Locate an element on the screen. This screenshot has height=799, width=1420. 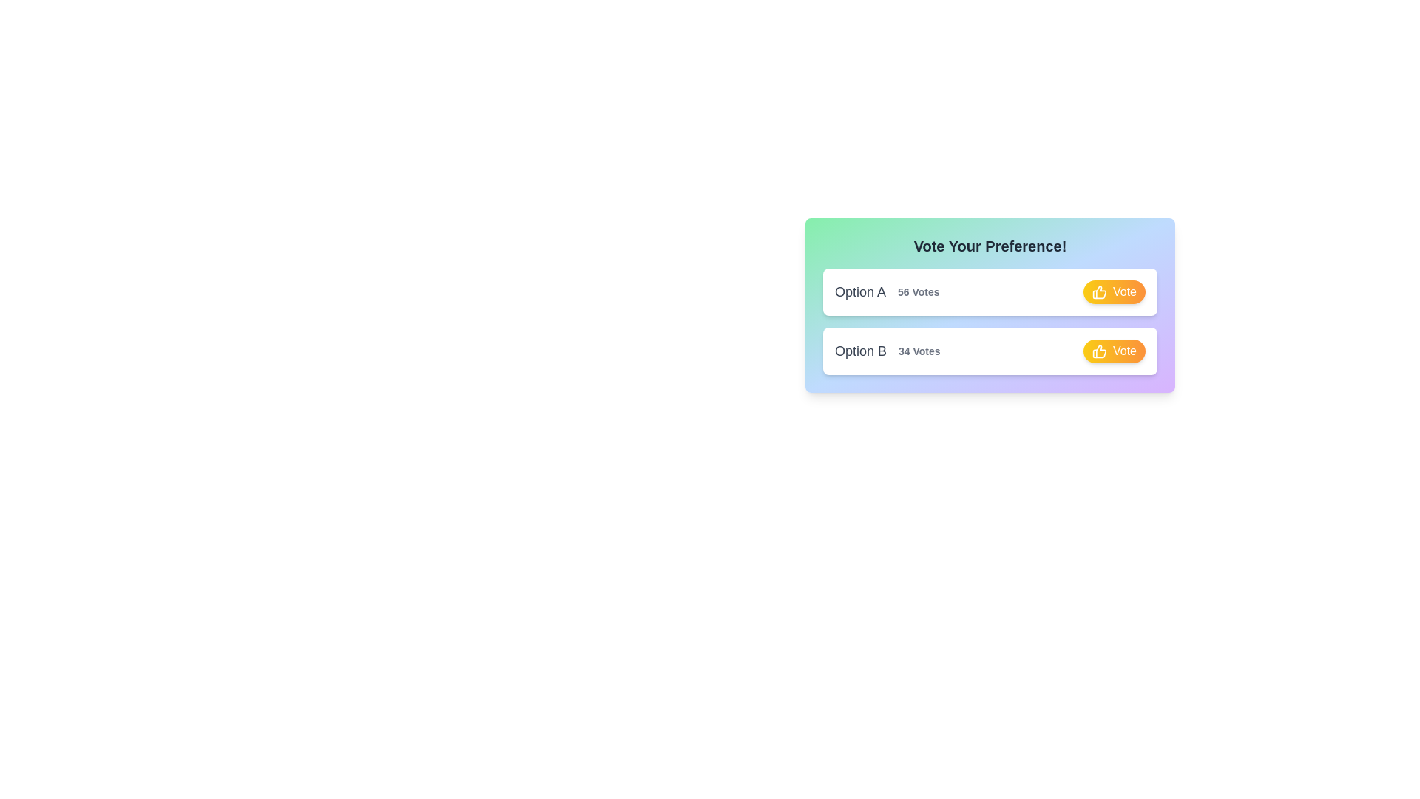
vote button for Option A to increase its vote count is located at coordinates (1115, 291).